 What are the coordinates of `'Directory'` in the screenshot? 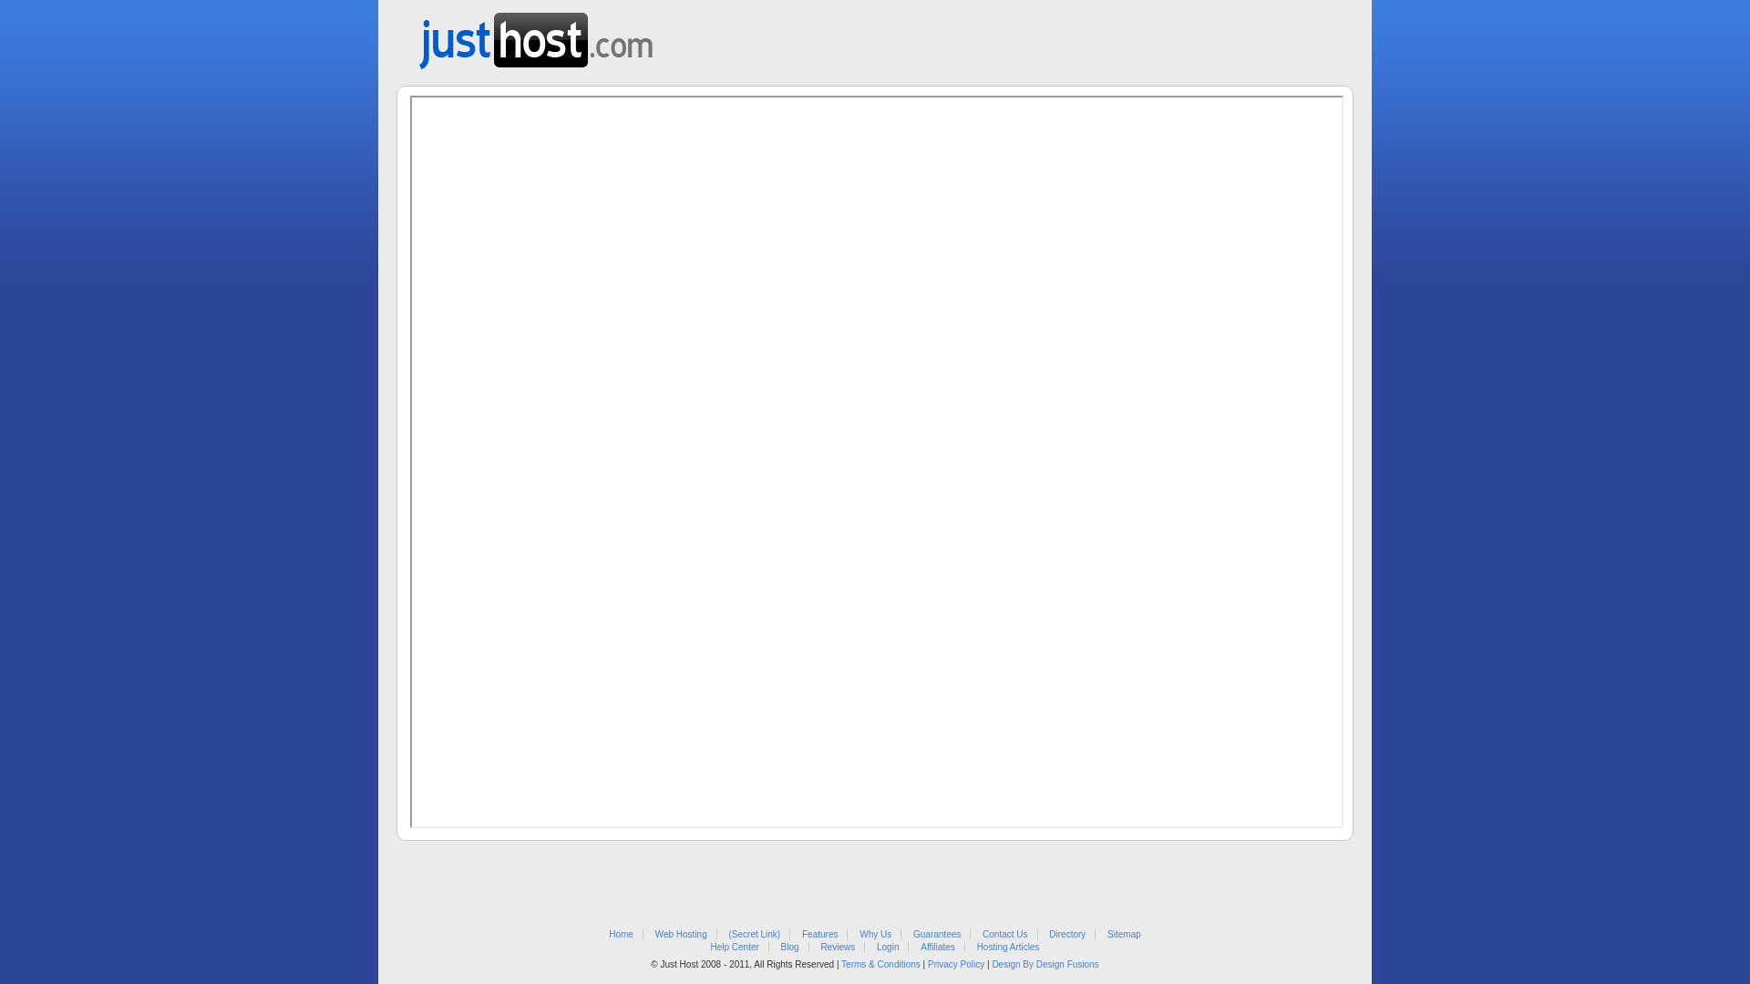 It's located at (1049, 934).